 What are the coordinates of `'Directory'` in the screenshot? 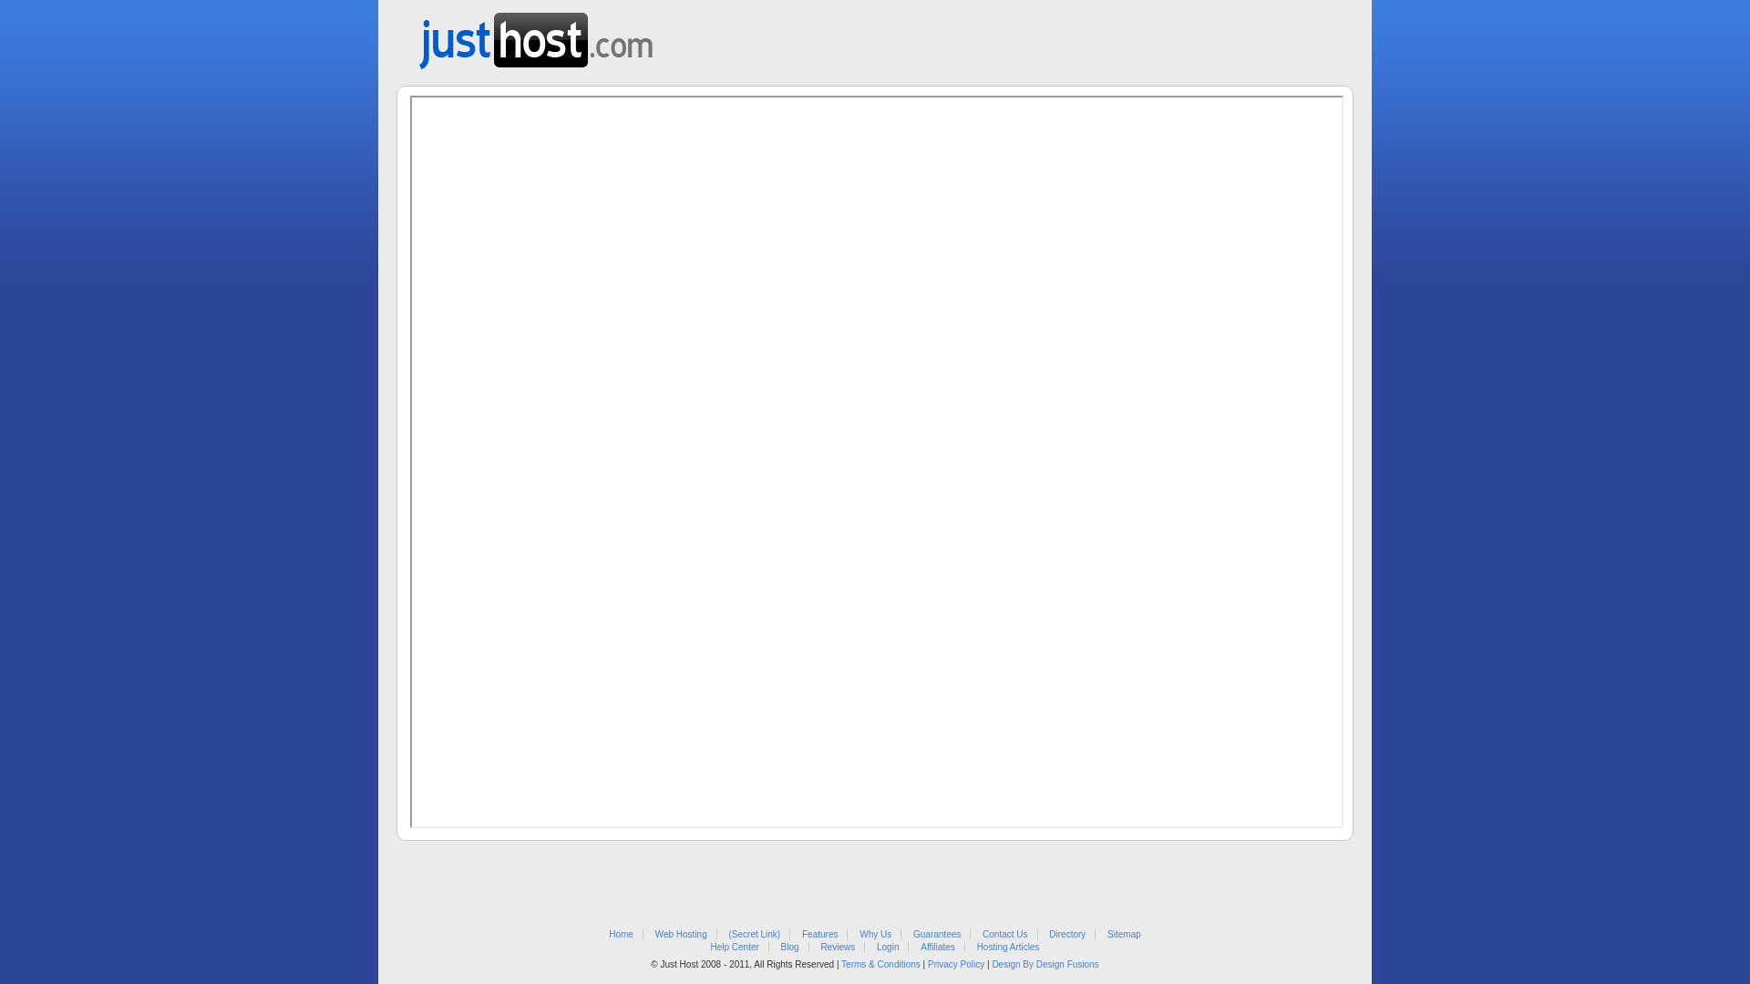 It's located at (1049, 934).